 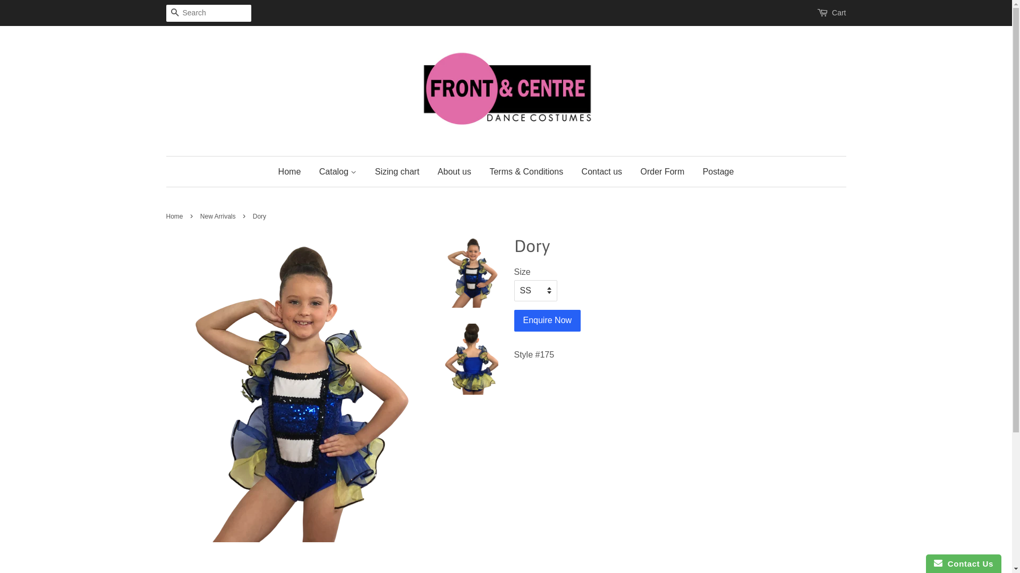 I want to click on 'About us', so click(x=454, y=171).